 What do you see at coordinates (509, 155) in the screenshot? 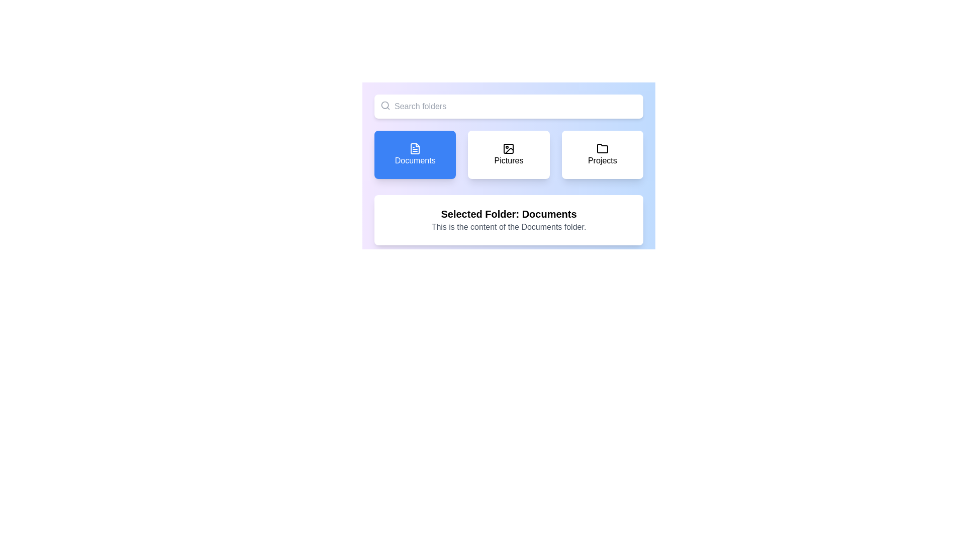
I see `the button labeled 'Pictures' with a white background and black text` at bounding box center [509, 155].